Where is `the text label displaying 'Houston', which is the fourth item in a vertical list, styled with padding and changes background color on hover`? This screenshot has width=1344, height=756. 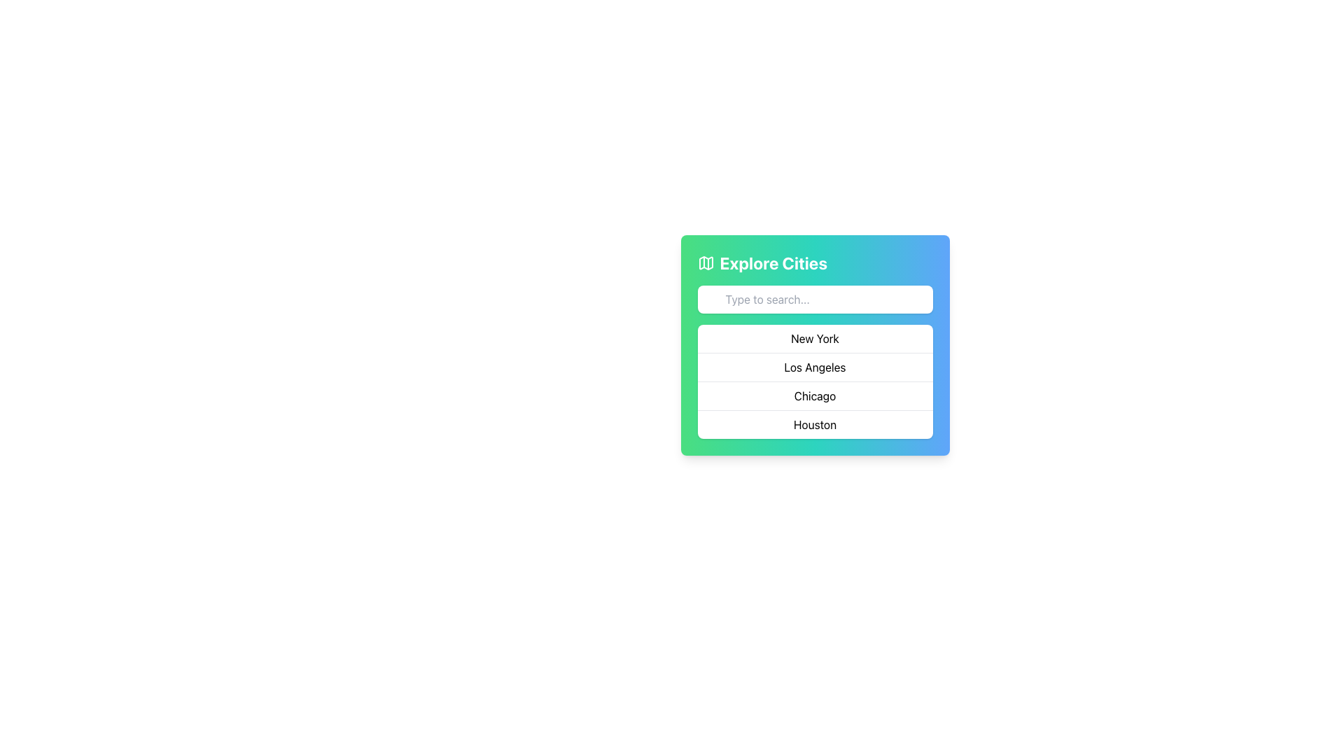 the text label displaying 'Houston', which is the fourth item in a vertical list, styled with padding and changes background color on hover is located at coordinates (815, 423).